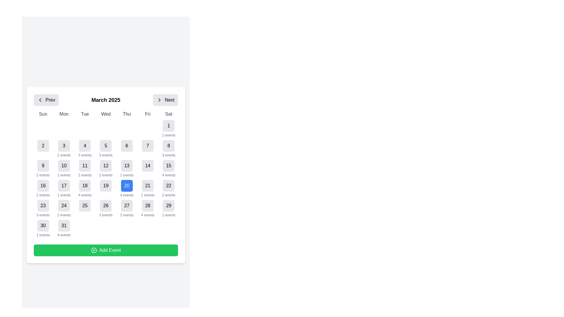 This screenshot has width=564, height=317. I want to click on the informative text label indicating the number of events associated with the date '12' in the calendar, located under the date '12' in the second row and fourth column, so click(106, 175).